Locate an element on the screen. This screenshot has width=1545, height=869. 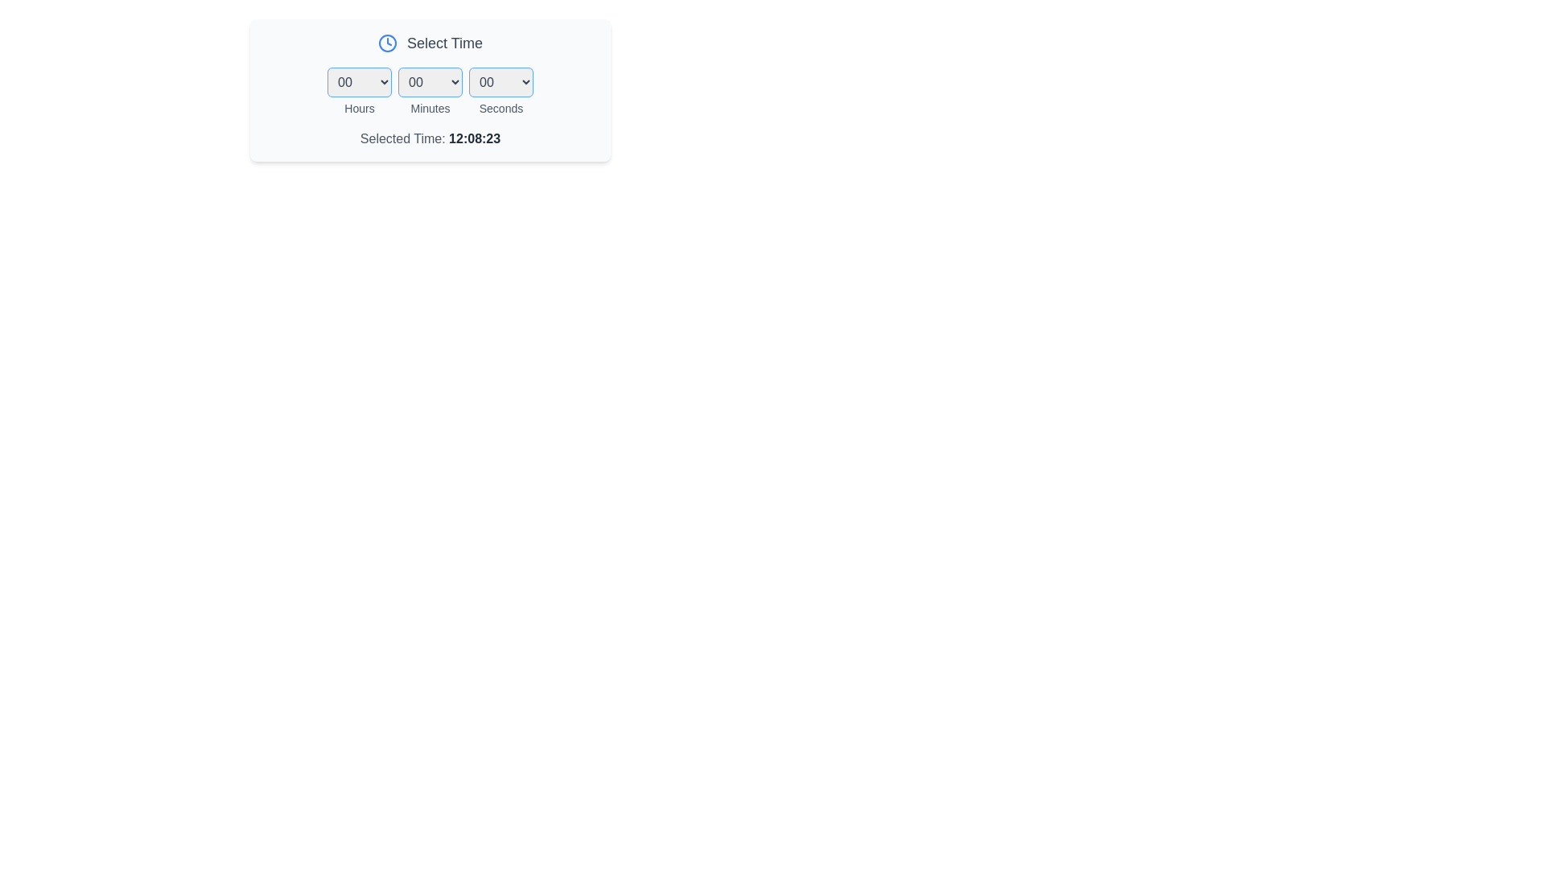
the middle dropdown menu for selecting minutes is located at coordinates (430, 92).